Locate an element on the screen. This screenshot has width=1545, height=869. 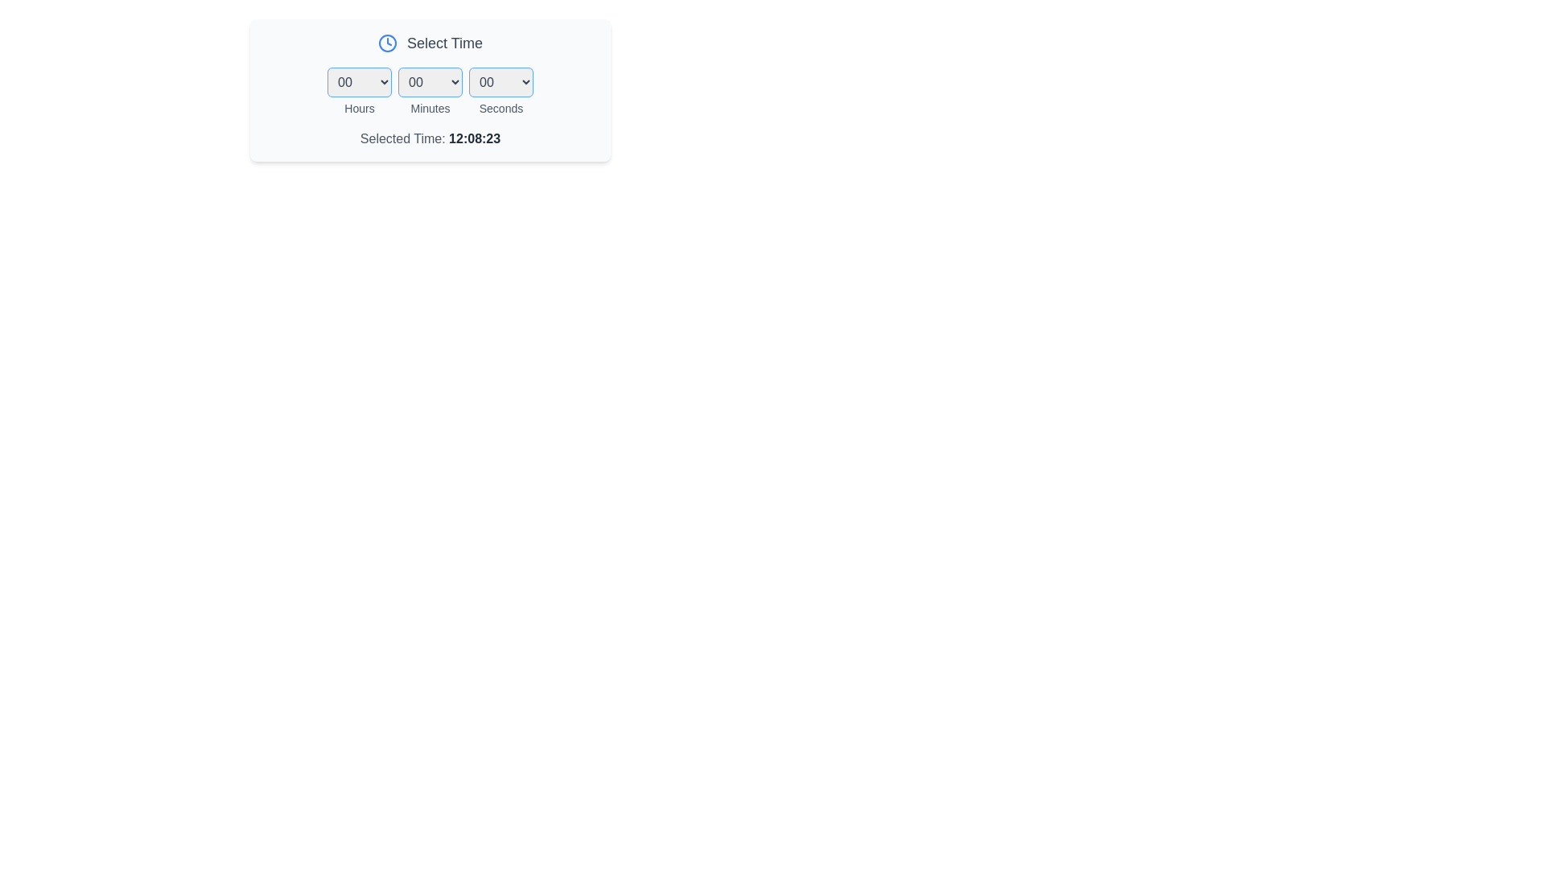
the middle dropdown menu for selecting minutes is located at coordinates (430, 92).